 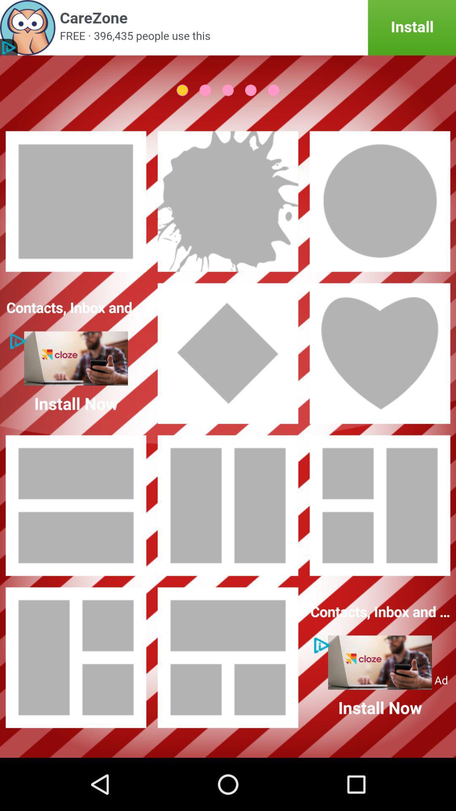 What do you see at coordinates (379, 353) in the screenshot?
I see `button` at bounding box center [379, 353].